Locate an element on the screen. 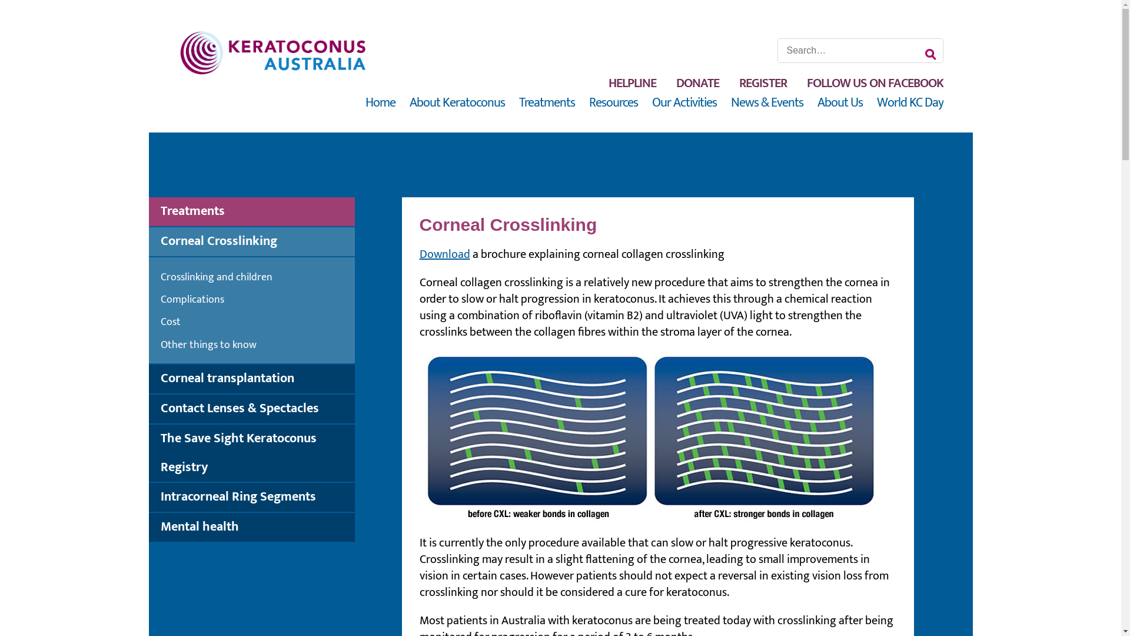  'About Us' is located at coordinates (839, 102).